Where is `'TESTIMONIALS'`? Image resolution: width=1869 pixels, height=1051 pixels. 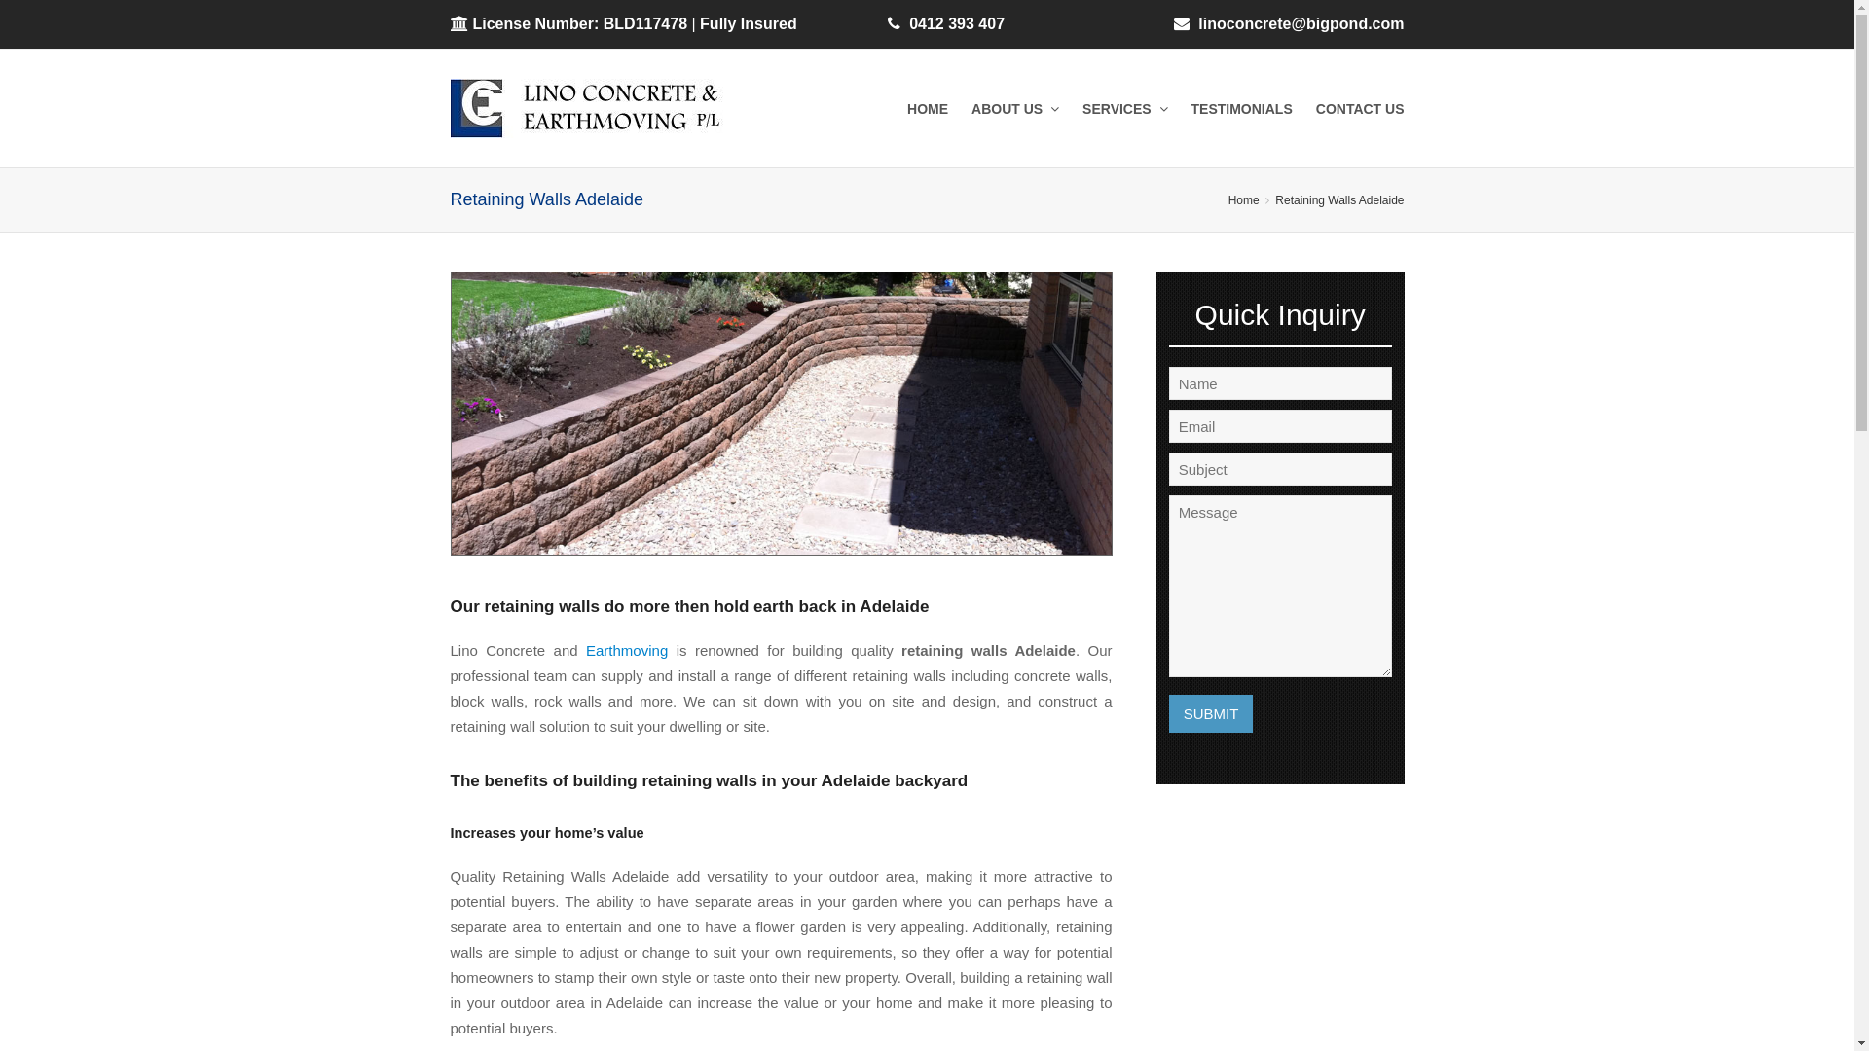 'TESTIMONIALS' is located at coordinates (1241, 108).